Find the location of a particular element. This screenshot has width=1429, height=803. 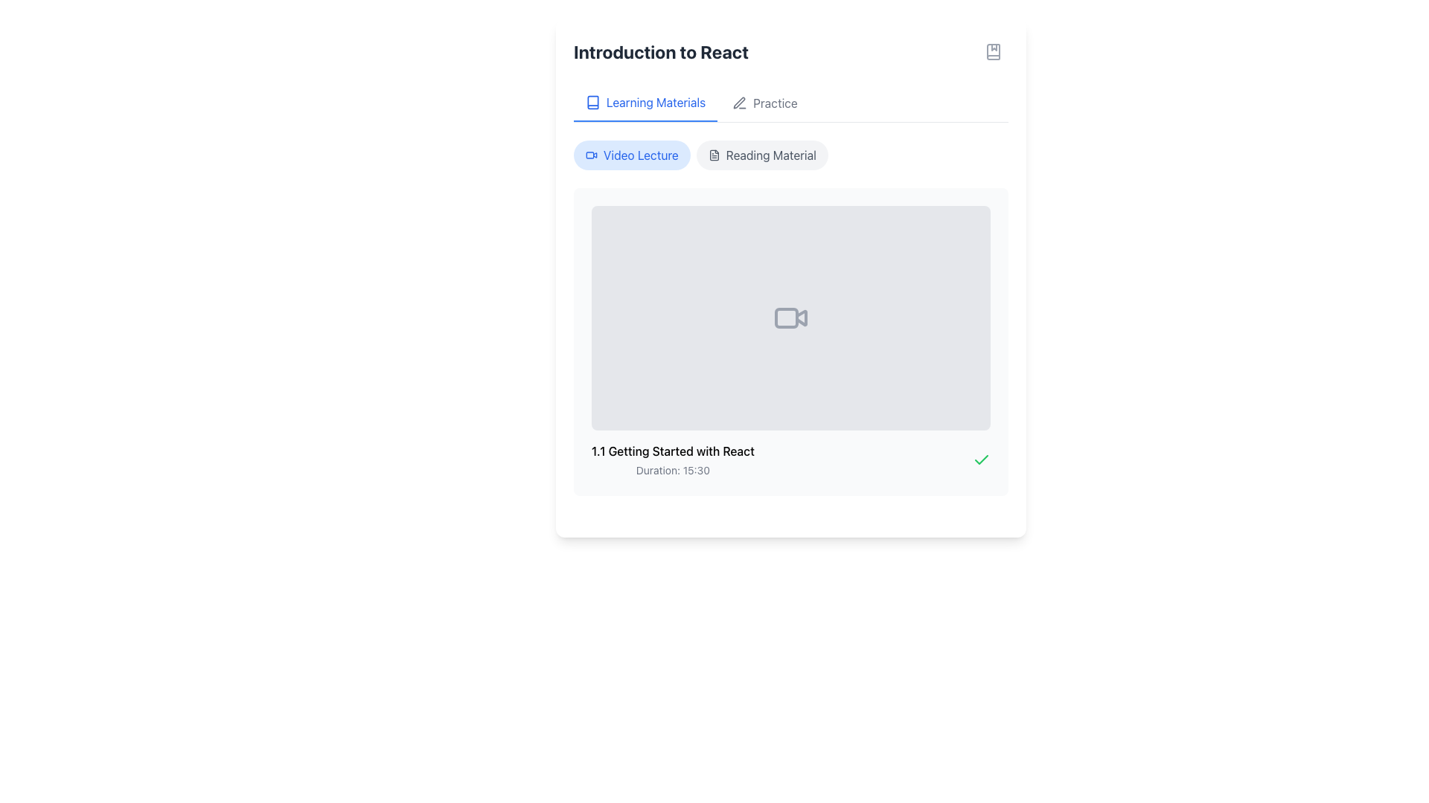

the 'Reading Material' text label, which is styled in gray sans-serif font and located next to a document icon is located at coordinates (771, 155).